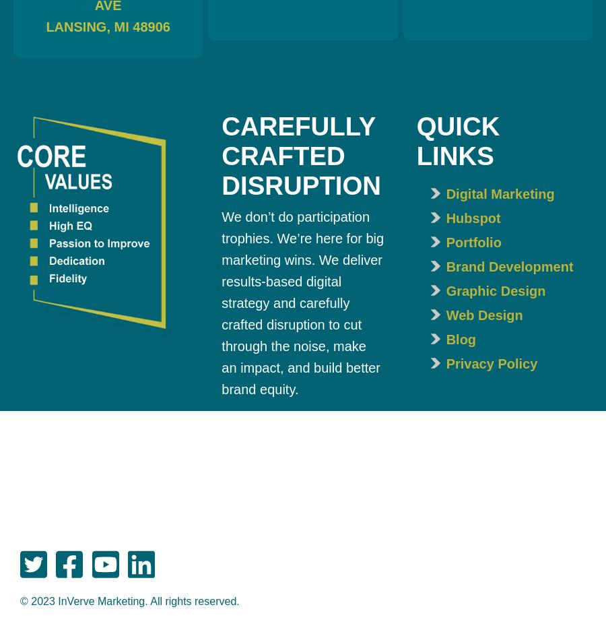  Describe the element at coordinates (508, 266) in the screenshot. I see `'Brand Development'` at that location.